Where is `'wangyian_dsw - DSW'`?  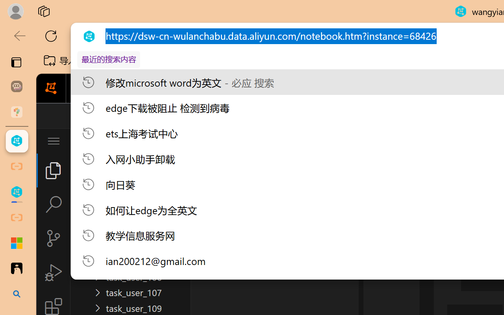
'wangyian_dsw - DSW' is located at coordinates (17, 141).